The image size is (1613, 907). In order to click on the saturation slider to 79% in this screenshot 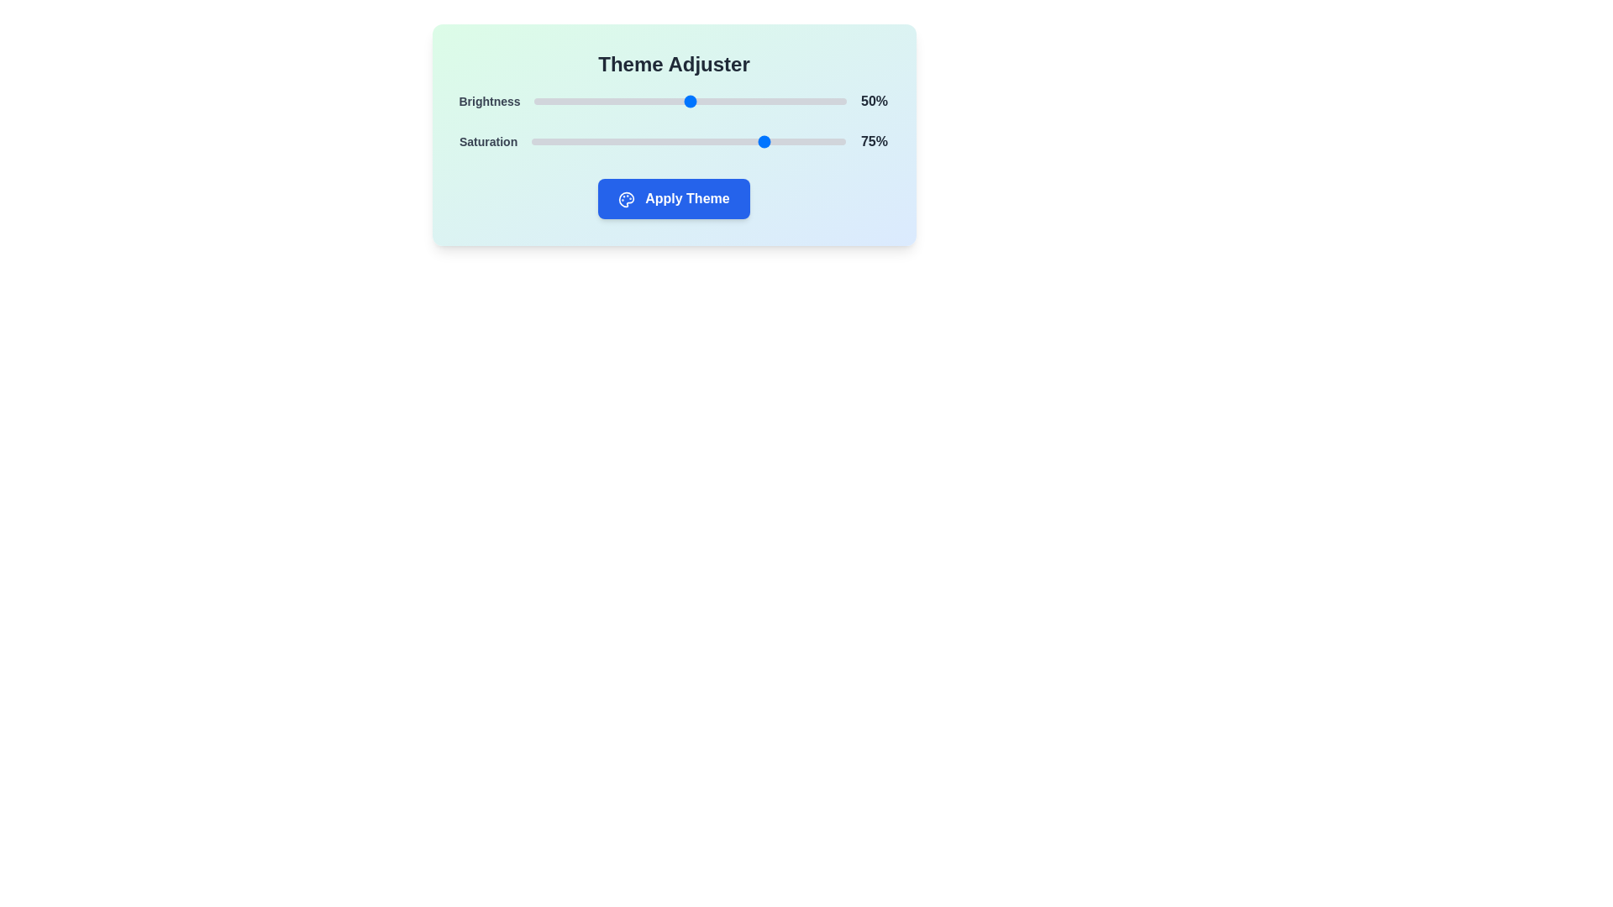, I will do `click(779, 141)`.